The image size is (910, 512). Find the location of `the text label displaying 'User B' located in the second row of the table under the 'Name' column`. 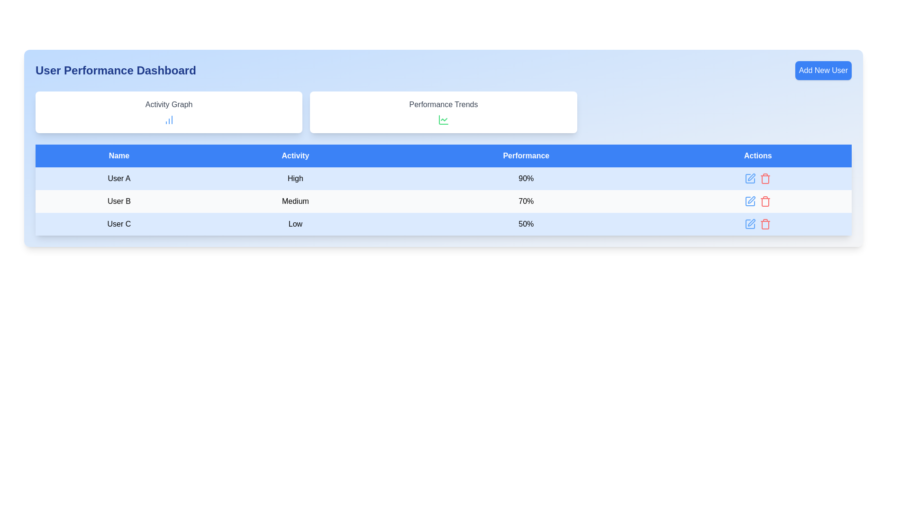

the text label displaying 'User B' located in the second row of the table under the 'Name' column is located at coordinates (118, 201).